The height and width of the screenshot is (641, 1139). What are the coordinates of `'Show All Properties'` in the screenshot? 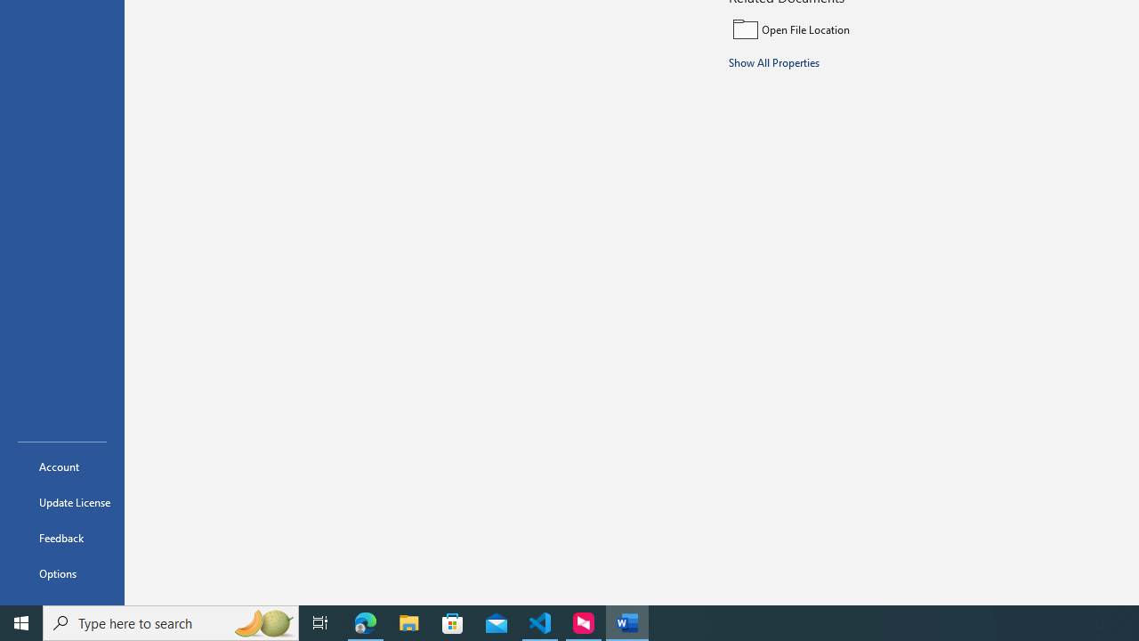 It's located at (775, 61).